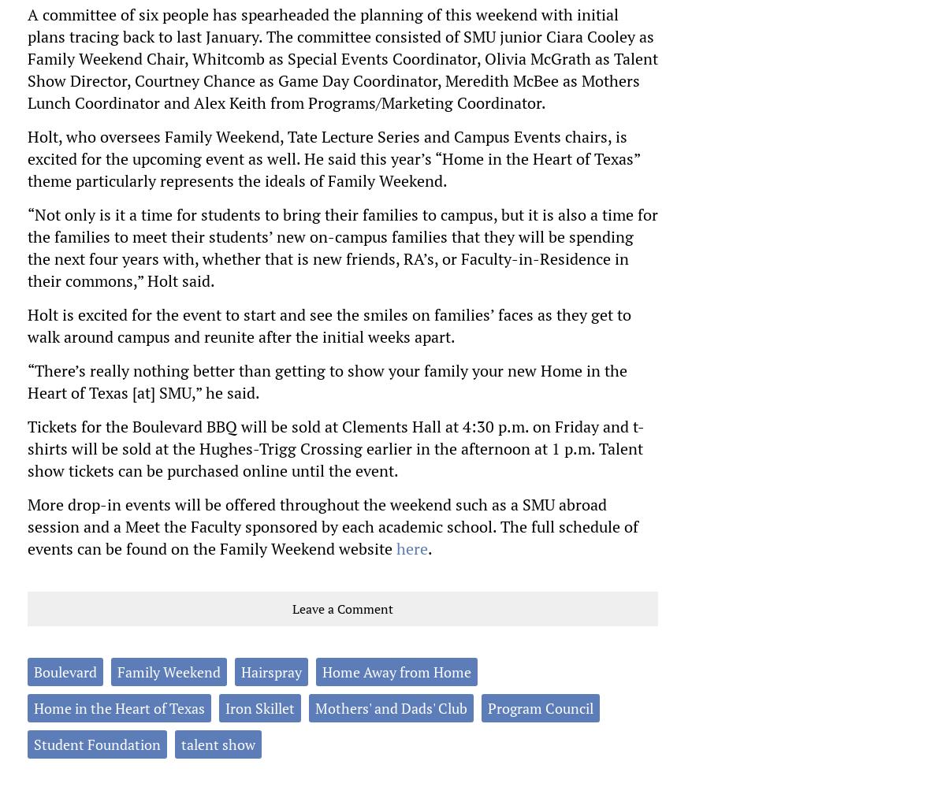  I want to click on 'Holt, who oversees Family Weekend, Tate Lecture Series and Campus Events chairs, is excited for the upcoming event as well. He said this year’s “Home in the Heart of Texas” theme particularly represents the ideals of Family Weekend.', so click(333, 157).